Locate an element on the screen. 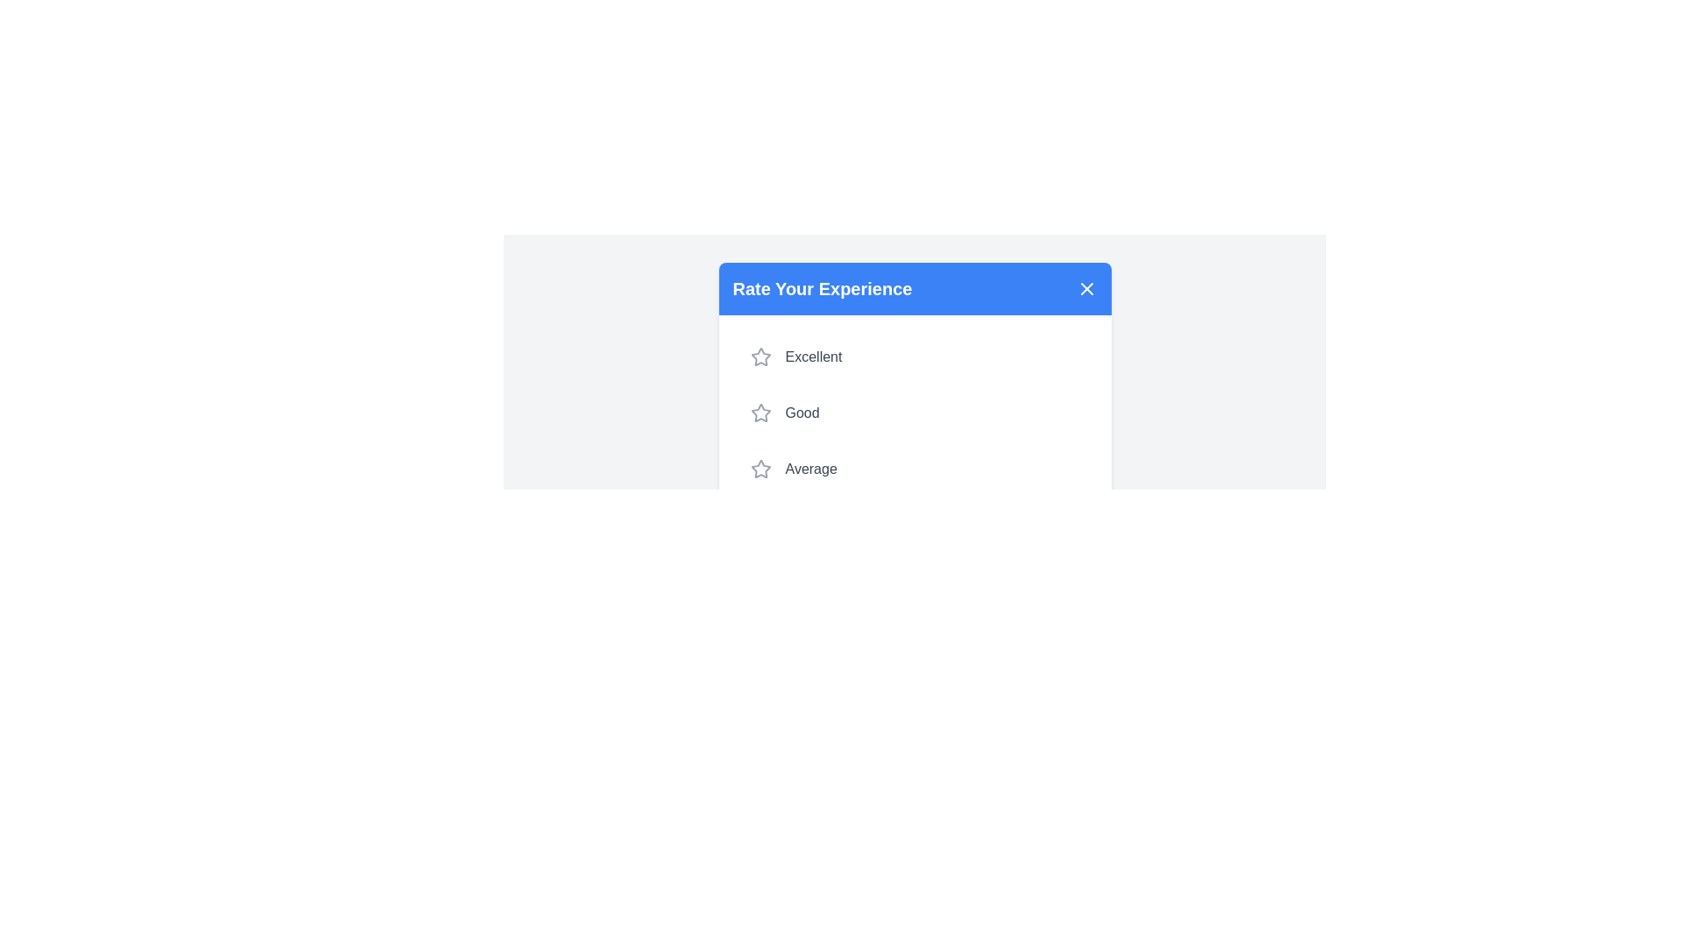  the star corresponding to the desired rating 3 is located at coordinates (760, 469).